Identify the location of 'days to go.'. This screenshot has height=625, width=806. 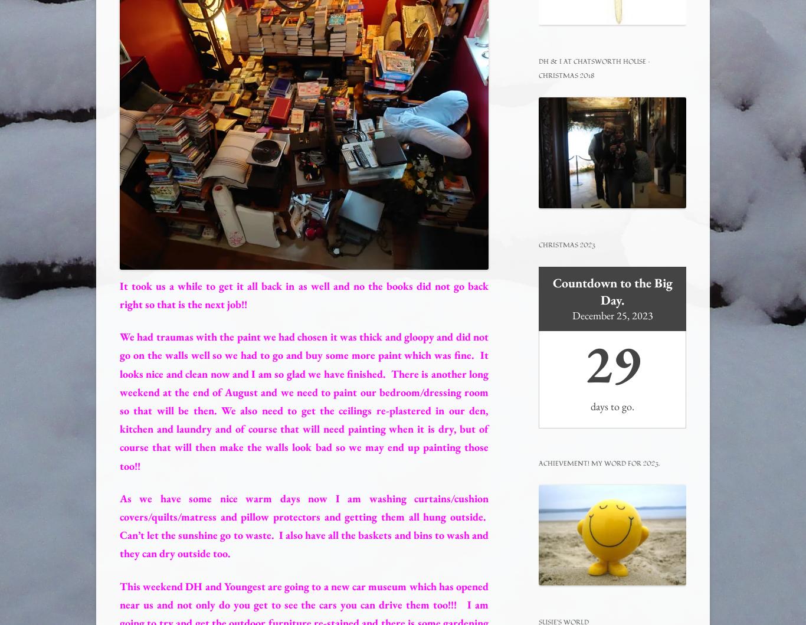
(612, 405).